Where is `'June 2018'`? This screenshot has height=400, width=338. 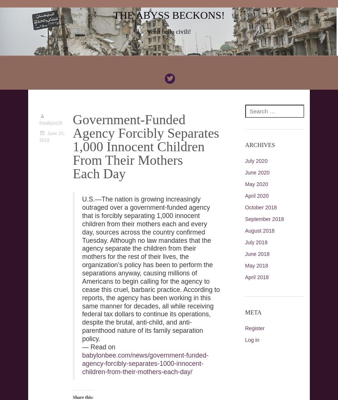
'June 2018' is located at coordinates (244, 254).